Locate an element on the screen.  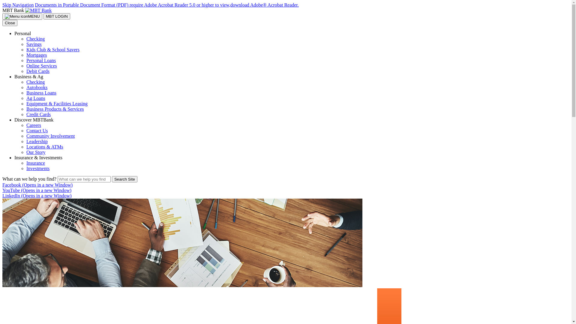
'Investments' is located at coordinates (26, 168).